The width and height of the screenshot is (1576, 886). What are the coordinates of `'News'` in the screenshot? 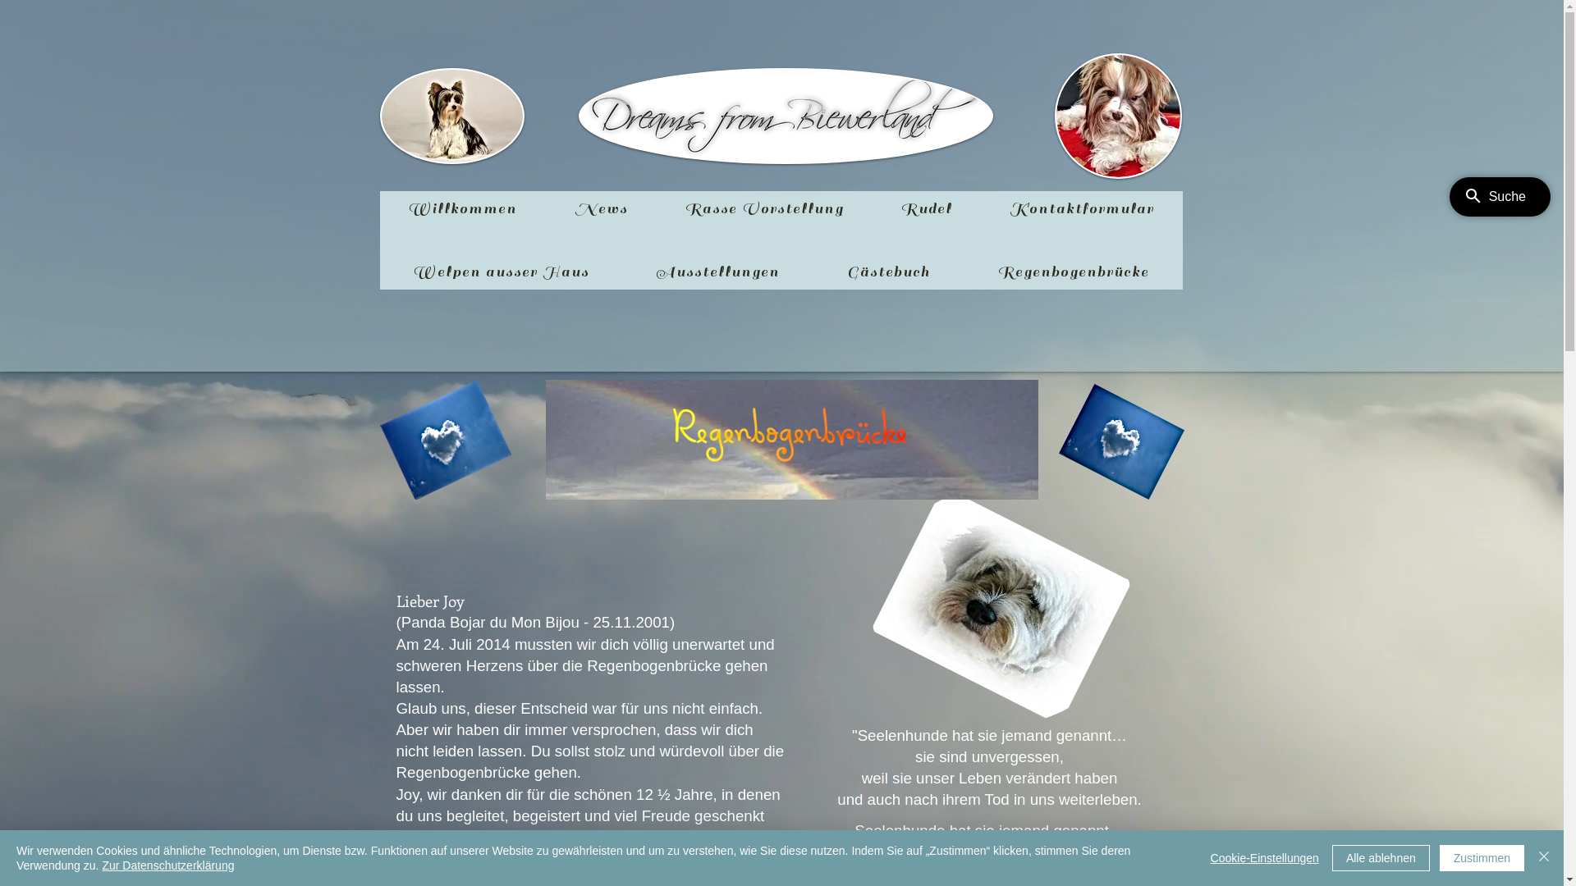 It's located at (599, 208).